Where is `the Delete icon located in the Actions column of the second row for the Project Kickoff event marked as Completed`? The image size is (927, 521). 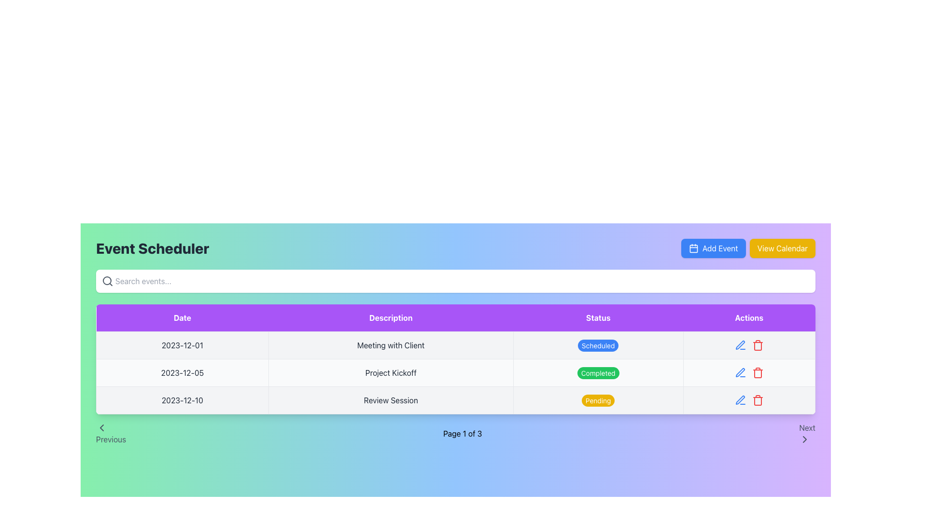
the Delete icon located in the Actions column of the second row for the Project Kickoff event marked as Completed is located at coordinates (748, 372).